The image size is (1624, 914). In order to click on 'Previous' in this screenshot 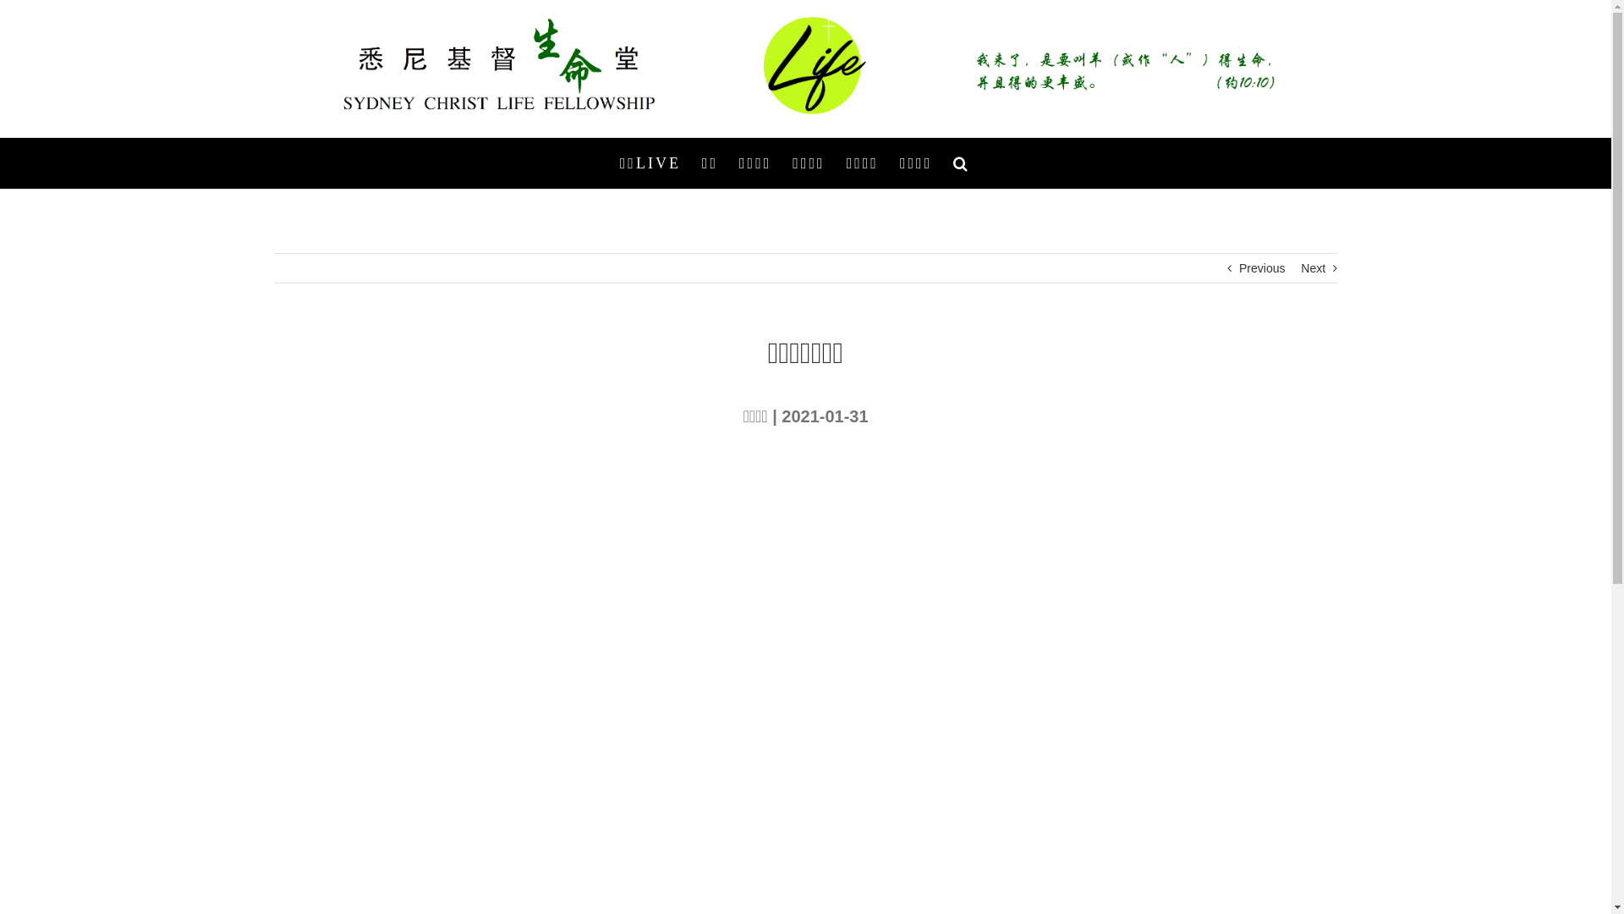, I will do `click(1238, 267)`.